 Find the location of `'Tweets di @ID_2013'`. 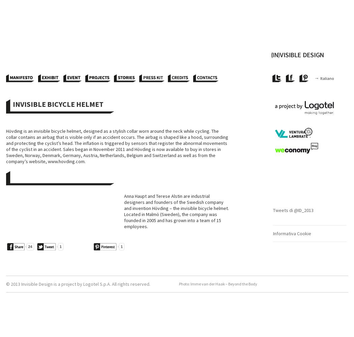

'Tweets di @ID_2013' is located at coordinates (292, 210).